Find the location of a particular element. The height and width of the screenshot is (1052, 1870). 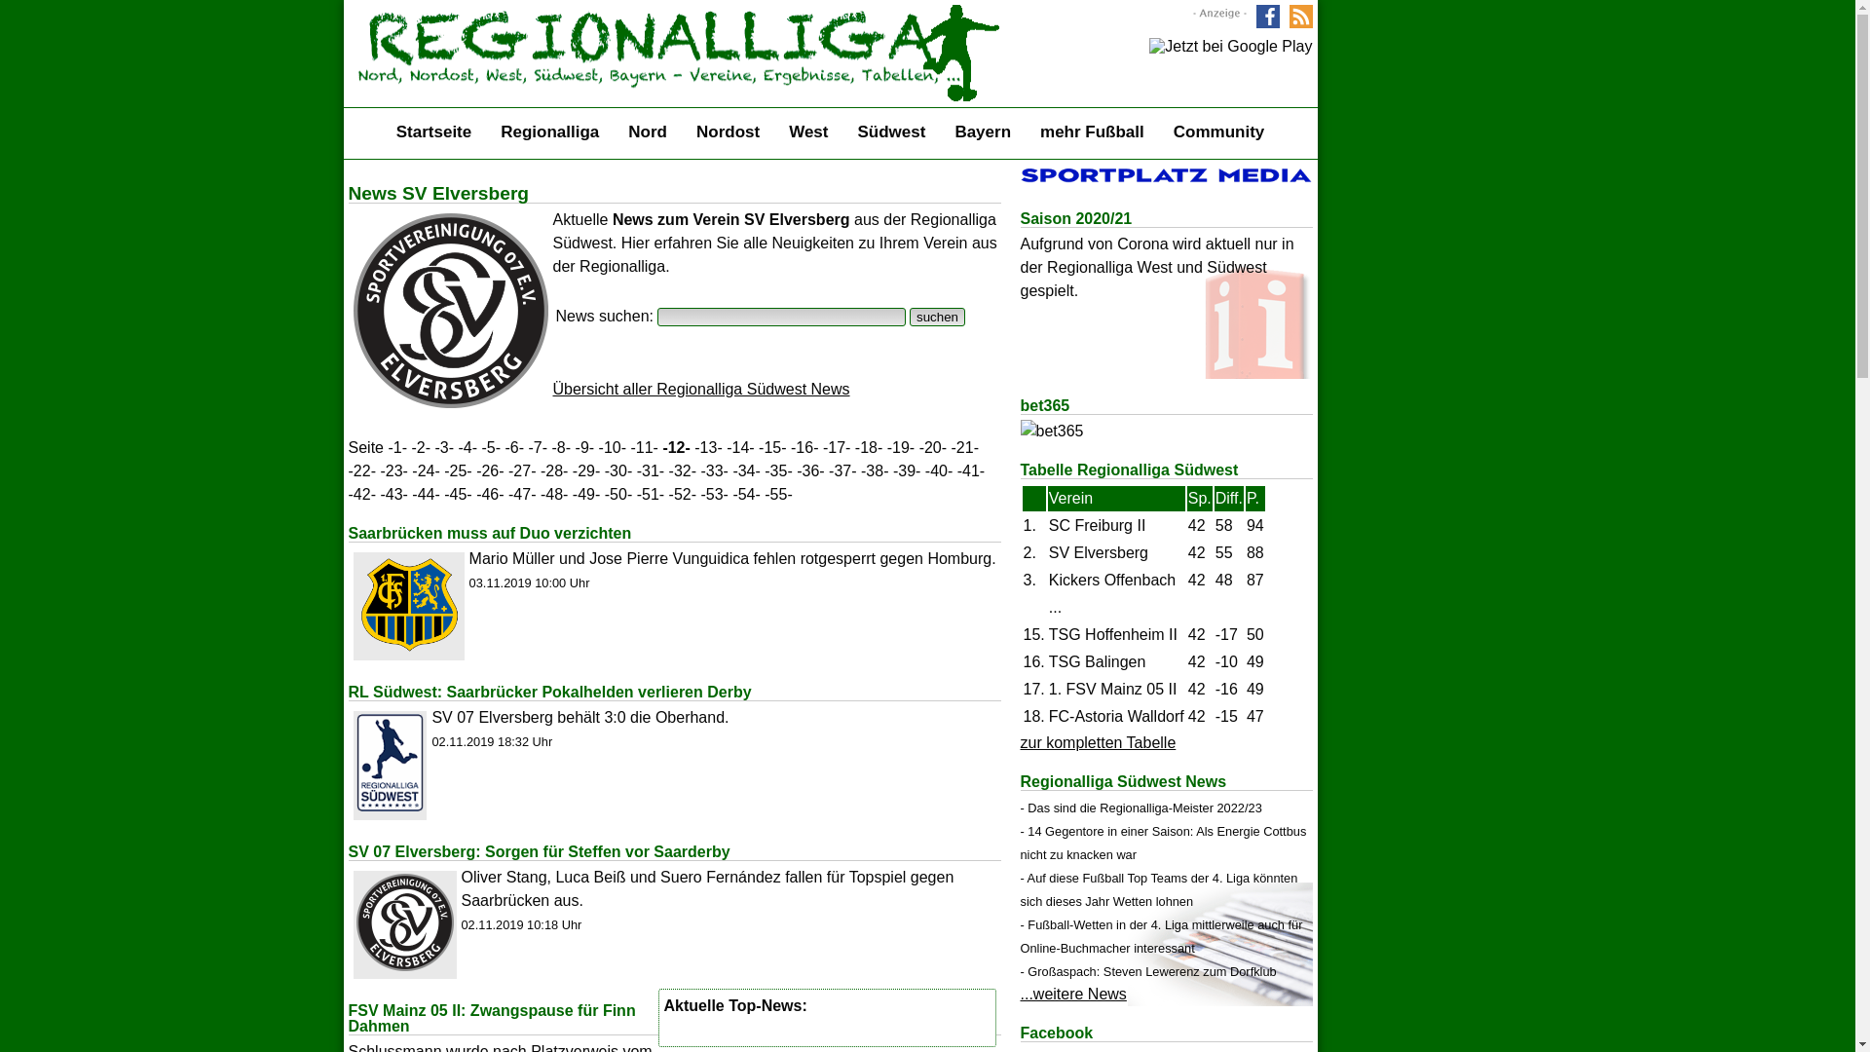

'-51-' is located at coordinates (650, 493).